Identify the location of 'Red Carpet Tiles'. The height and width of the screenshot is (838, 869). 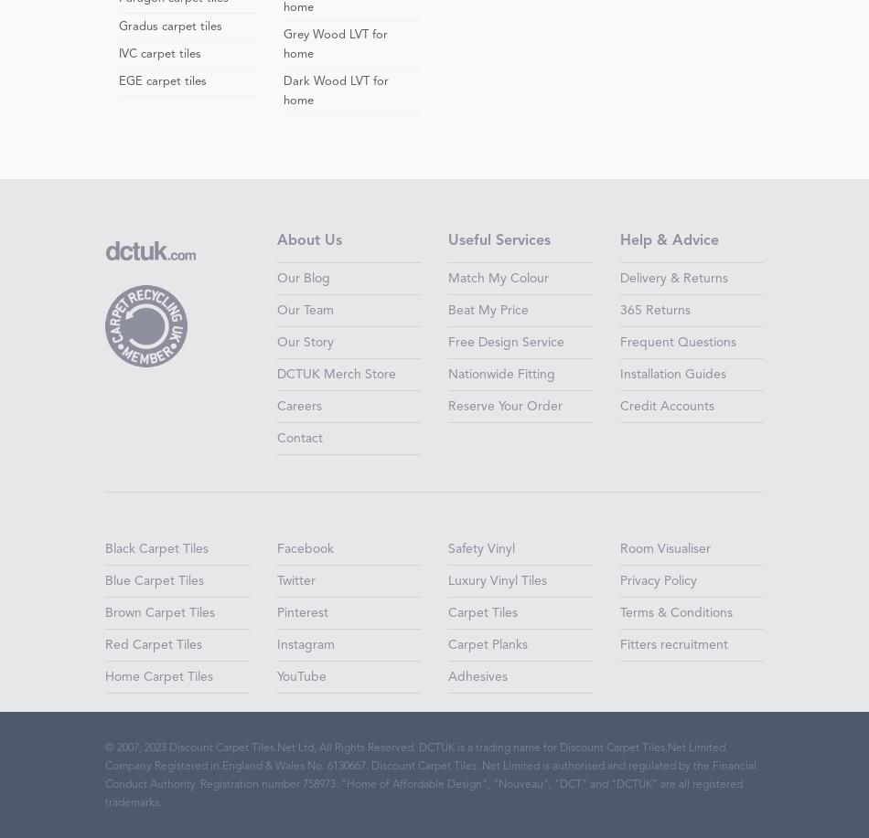
(153, 644).